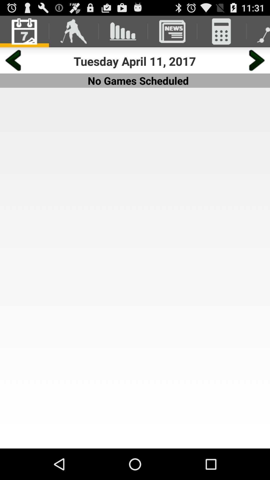  I want to click on the tuesday april 11 app, so click(134, 61).